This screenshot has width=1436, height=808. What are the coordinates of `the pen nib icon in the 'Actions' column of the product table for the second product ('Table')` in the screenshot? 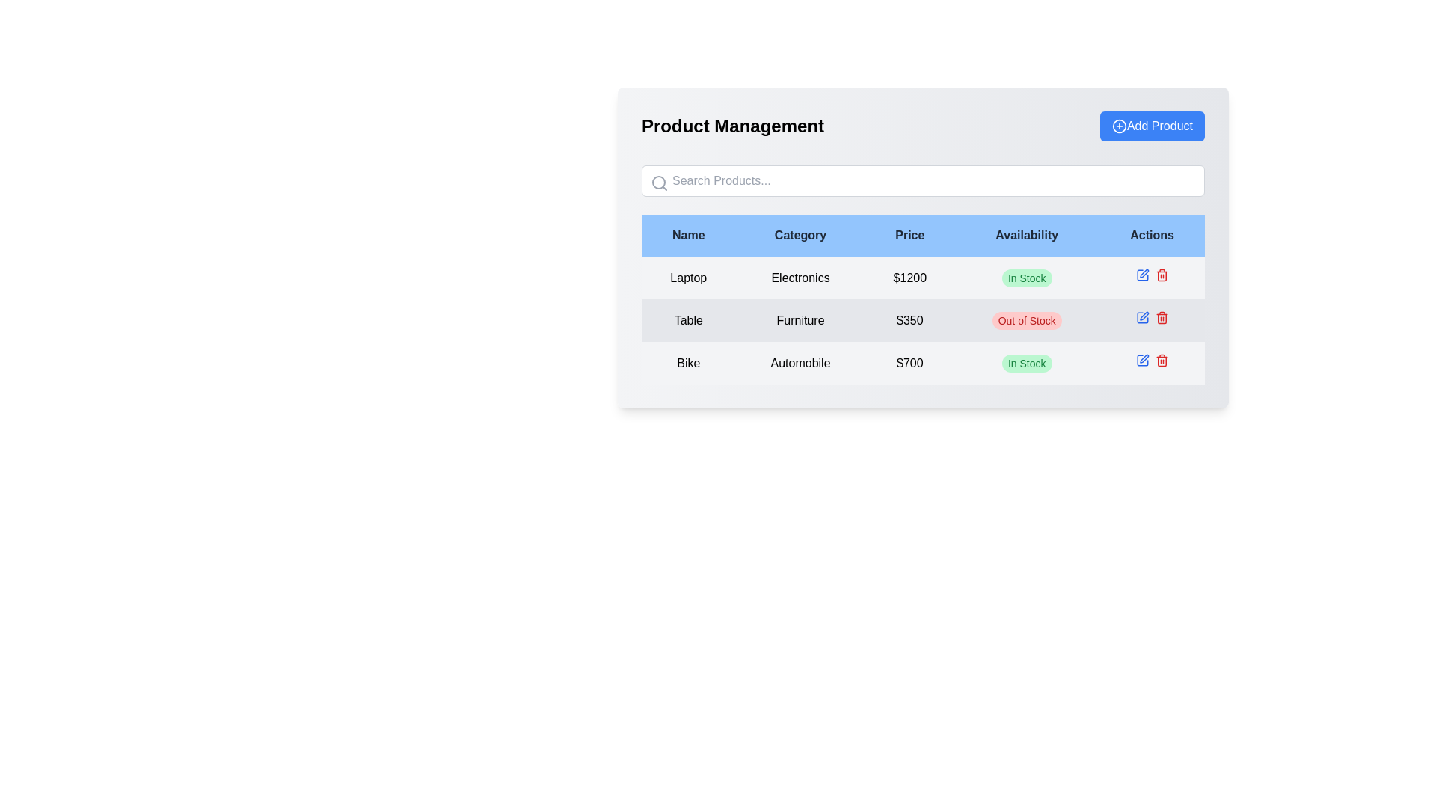 It's located at (1143, 315).